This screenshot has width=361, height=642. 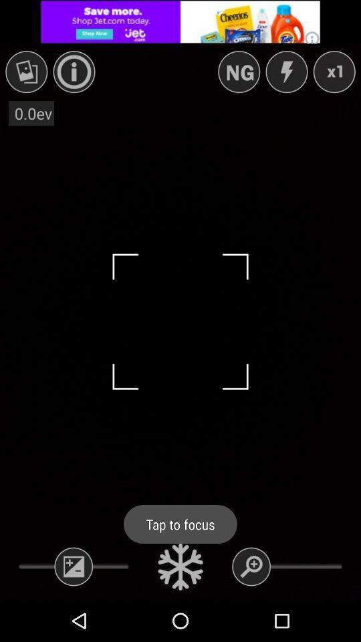 I want to click on advertisement, so click(x=180, y=21).